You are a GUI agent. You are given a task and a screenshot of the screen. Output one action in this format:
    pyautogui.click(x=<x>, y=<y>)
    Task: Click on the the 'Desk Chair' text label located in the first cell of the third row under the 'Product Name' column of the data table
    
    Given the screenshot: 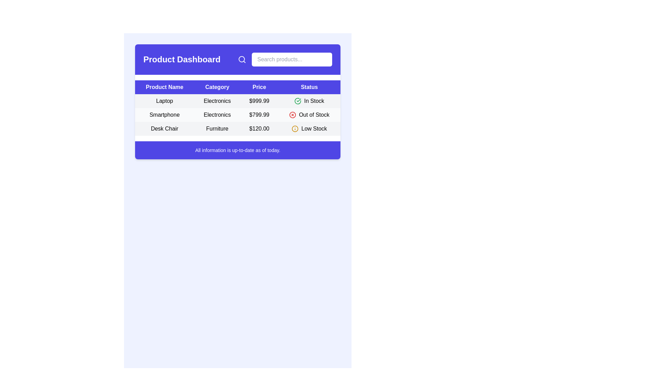 What is the action you would take?
    pyautogui.click(x=164, y=128)
    